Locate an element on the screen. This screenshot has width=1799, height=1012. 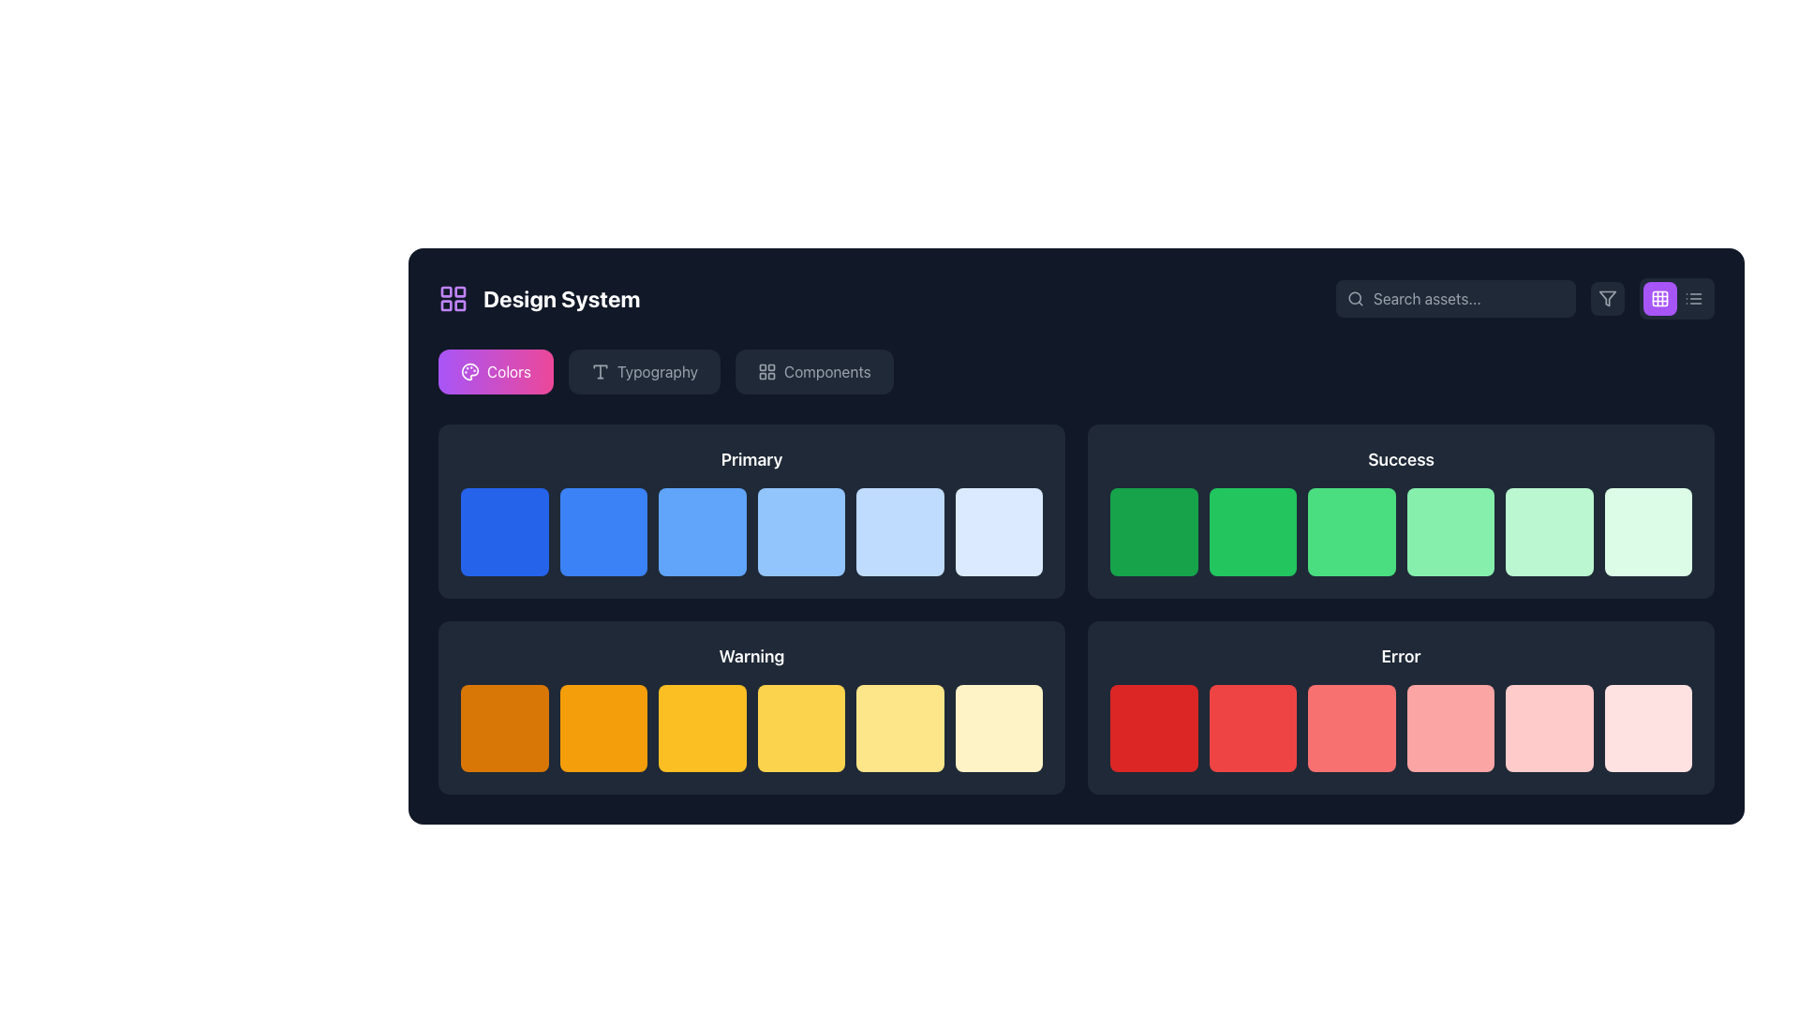
the text label that displays 'Success' in a bold, white font, styled prominently against a dark background, located in the top-right section of the interface is located at coordinates (1401, 459).